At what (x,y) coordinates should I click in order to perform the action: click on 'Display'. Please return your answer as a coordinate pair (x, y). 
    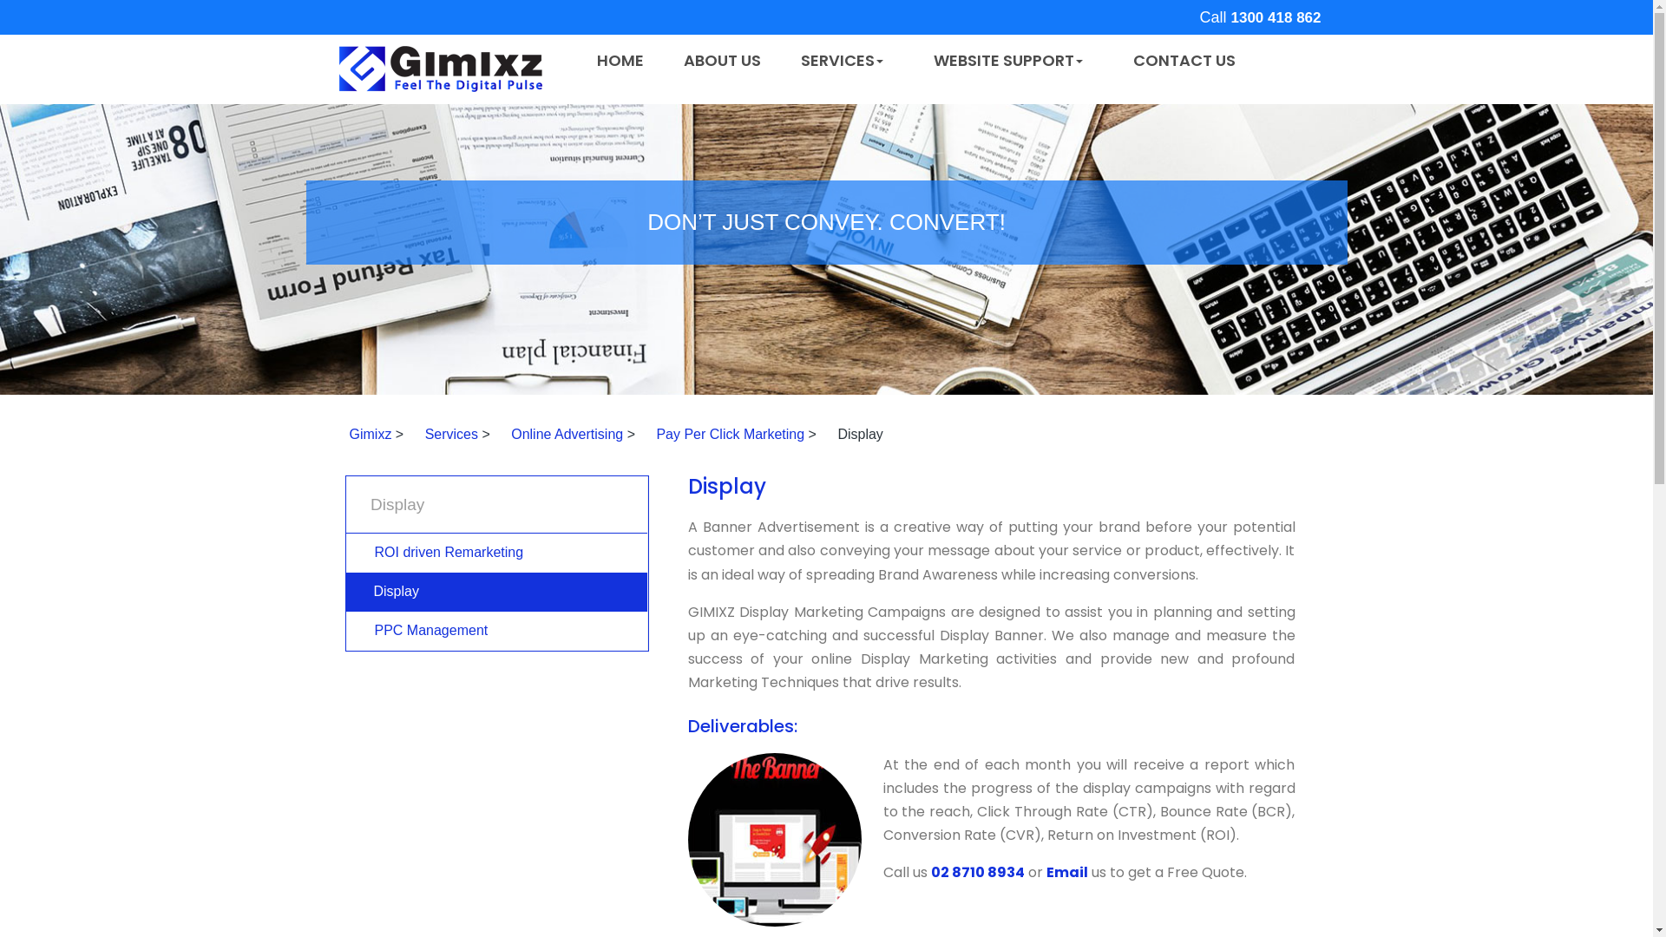
    Looking at the image, I should click on (495, 591).